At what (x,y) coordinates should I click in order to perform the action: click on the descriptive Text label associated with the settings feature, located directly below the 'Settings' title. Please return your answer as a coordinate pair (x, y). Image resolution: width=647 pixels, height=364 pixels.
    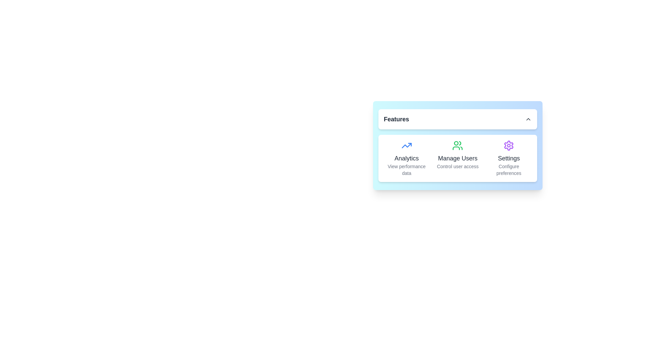
    Looking at the image, I should click on (509, 170).